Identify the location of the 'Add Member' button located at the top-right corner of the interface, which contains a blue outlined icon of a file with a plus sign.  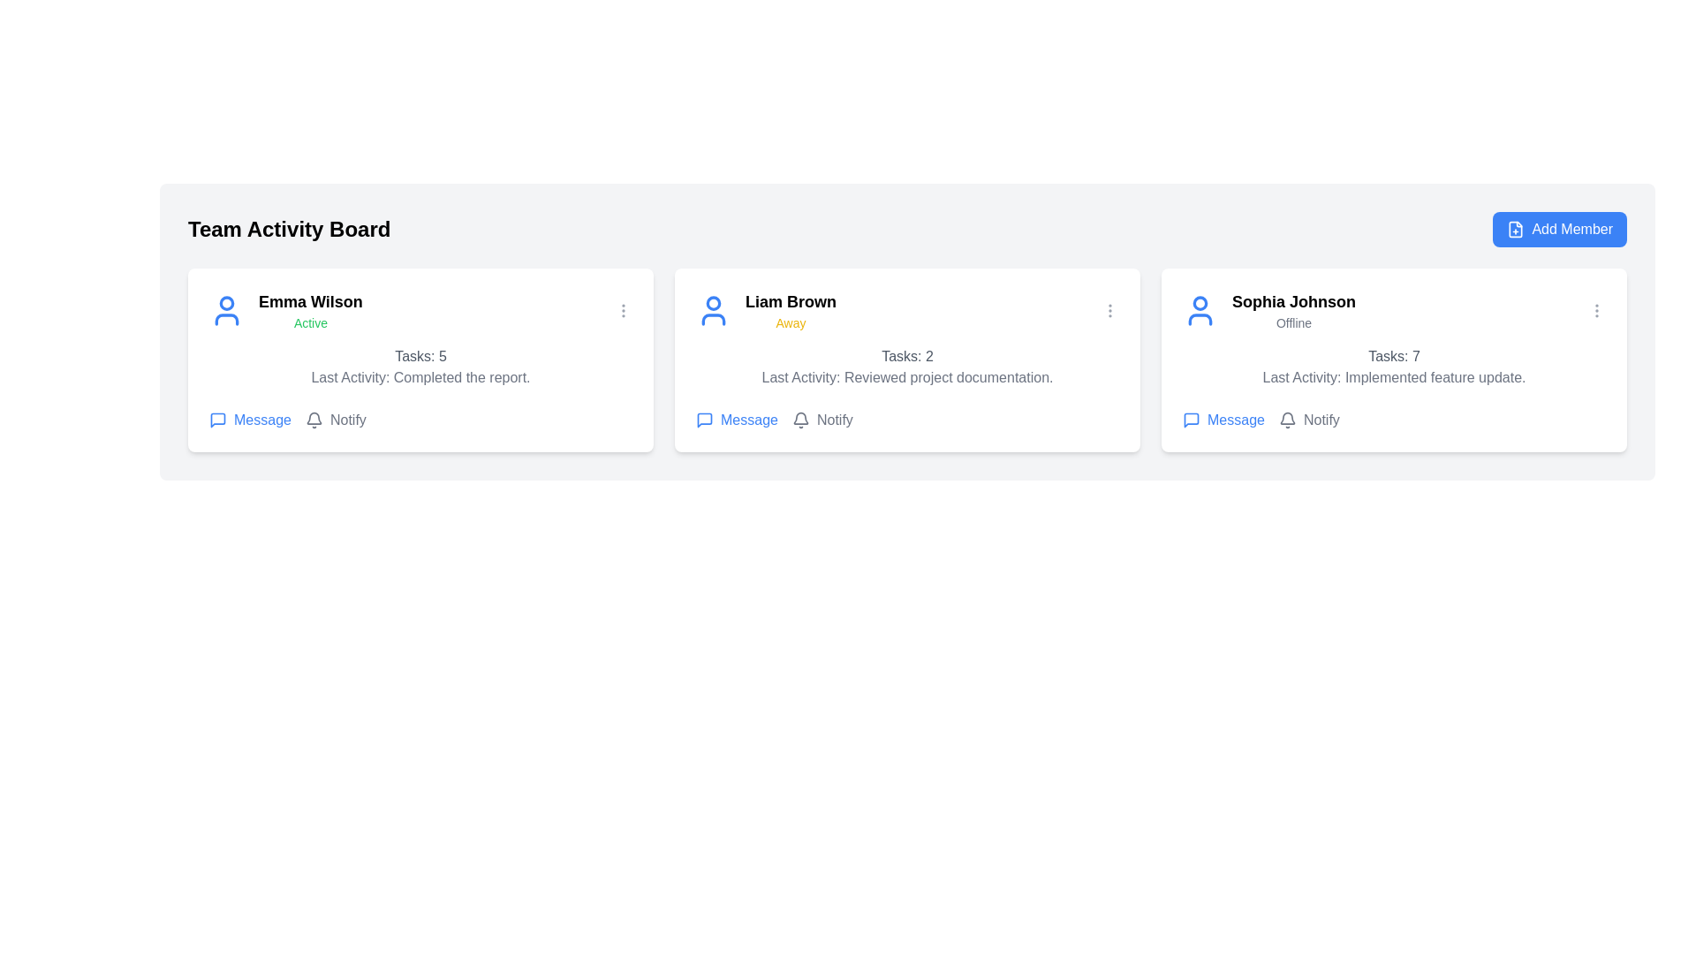
(1515, 228).